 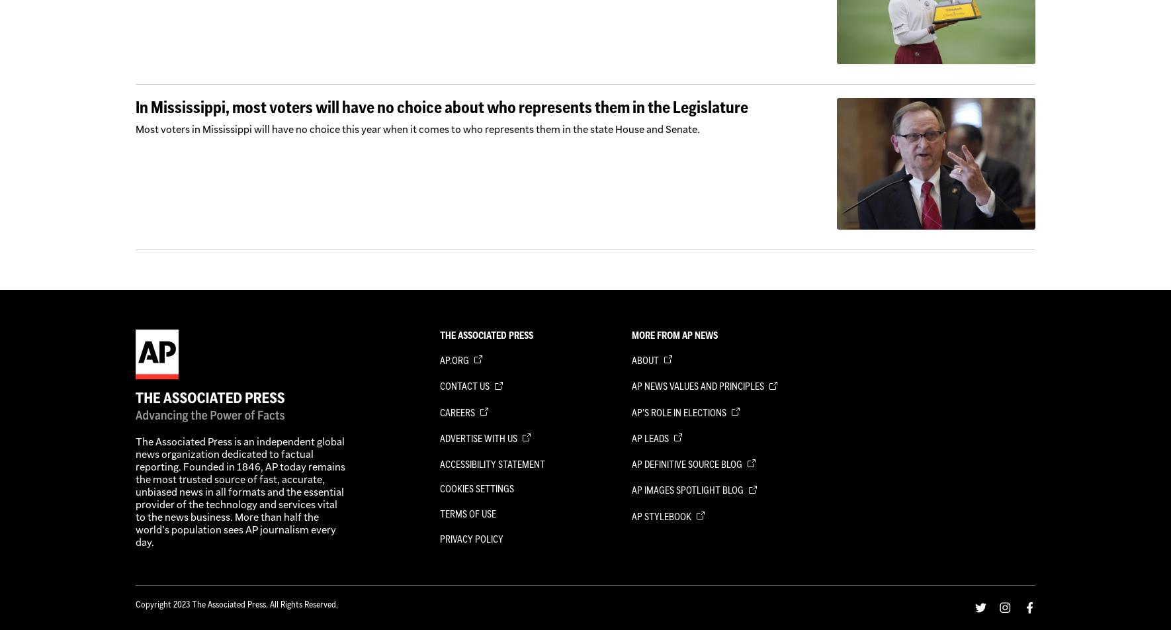 What do you see at coordinates (457, 412) in the screenshot?
I see `'Careers'` at bounding box center [457, 412].